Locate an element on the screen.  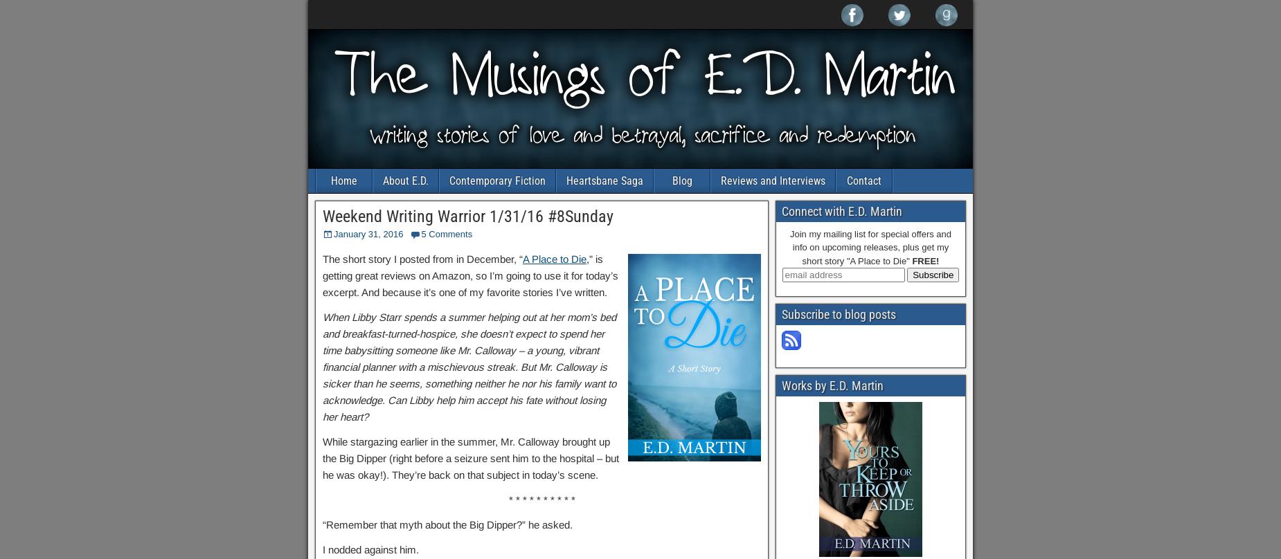
'“Remember that myth about the Big Dipper?” he asked.' is located at coordinates (447, 524).